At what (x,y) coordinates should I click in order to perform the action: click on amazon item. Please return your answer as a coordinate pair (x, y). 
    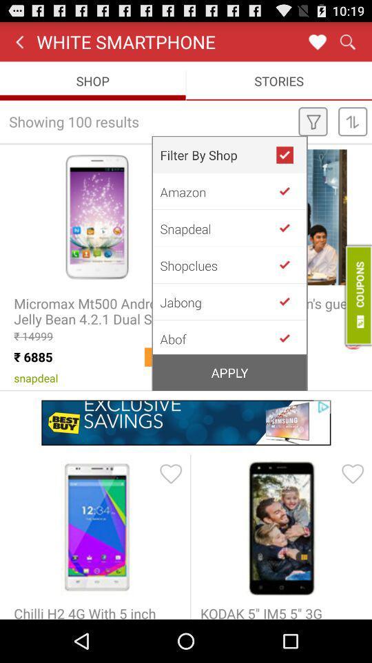
    Looking at the image, I should click on (218, 191).